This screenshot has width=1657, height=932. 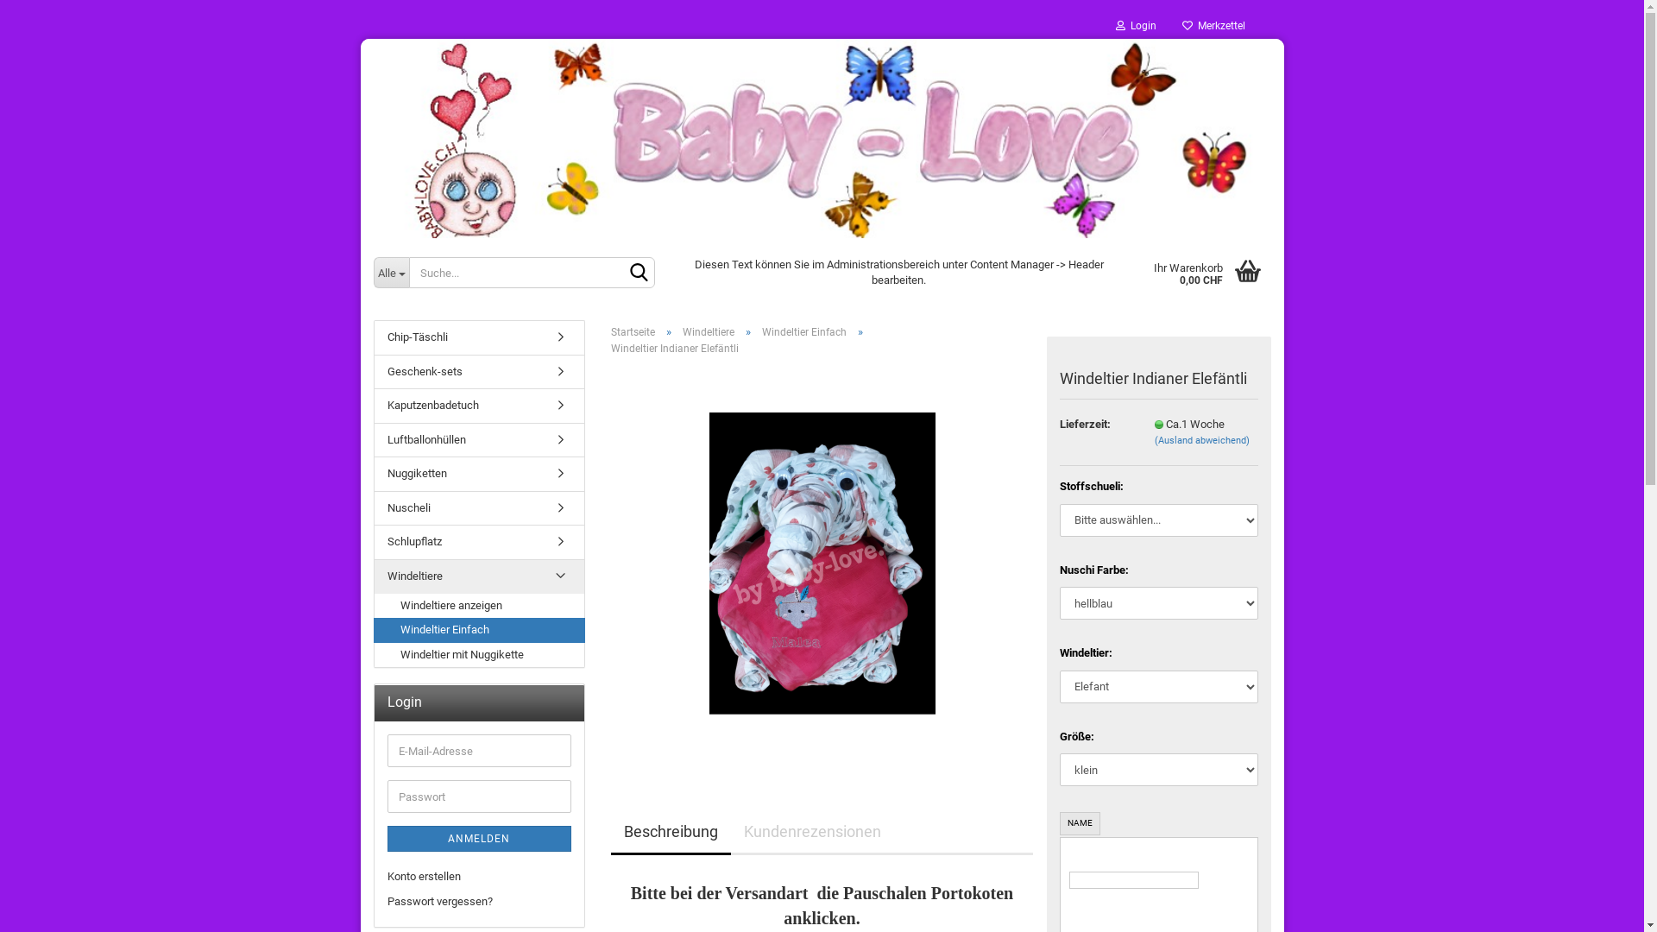 I want to click on 'Ihr Warenkorb, so click(x=1205, y=272).